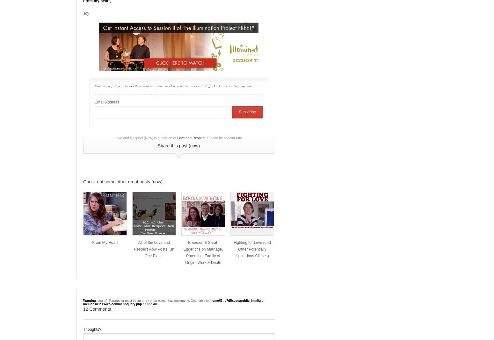 The width and height of the screenshot is (494, 340). What do you see at coordinates (177, 138) in the screenshot?
I see `'Love and Respect'` at bounding box center [177, 138].